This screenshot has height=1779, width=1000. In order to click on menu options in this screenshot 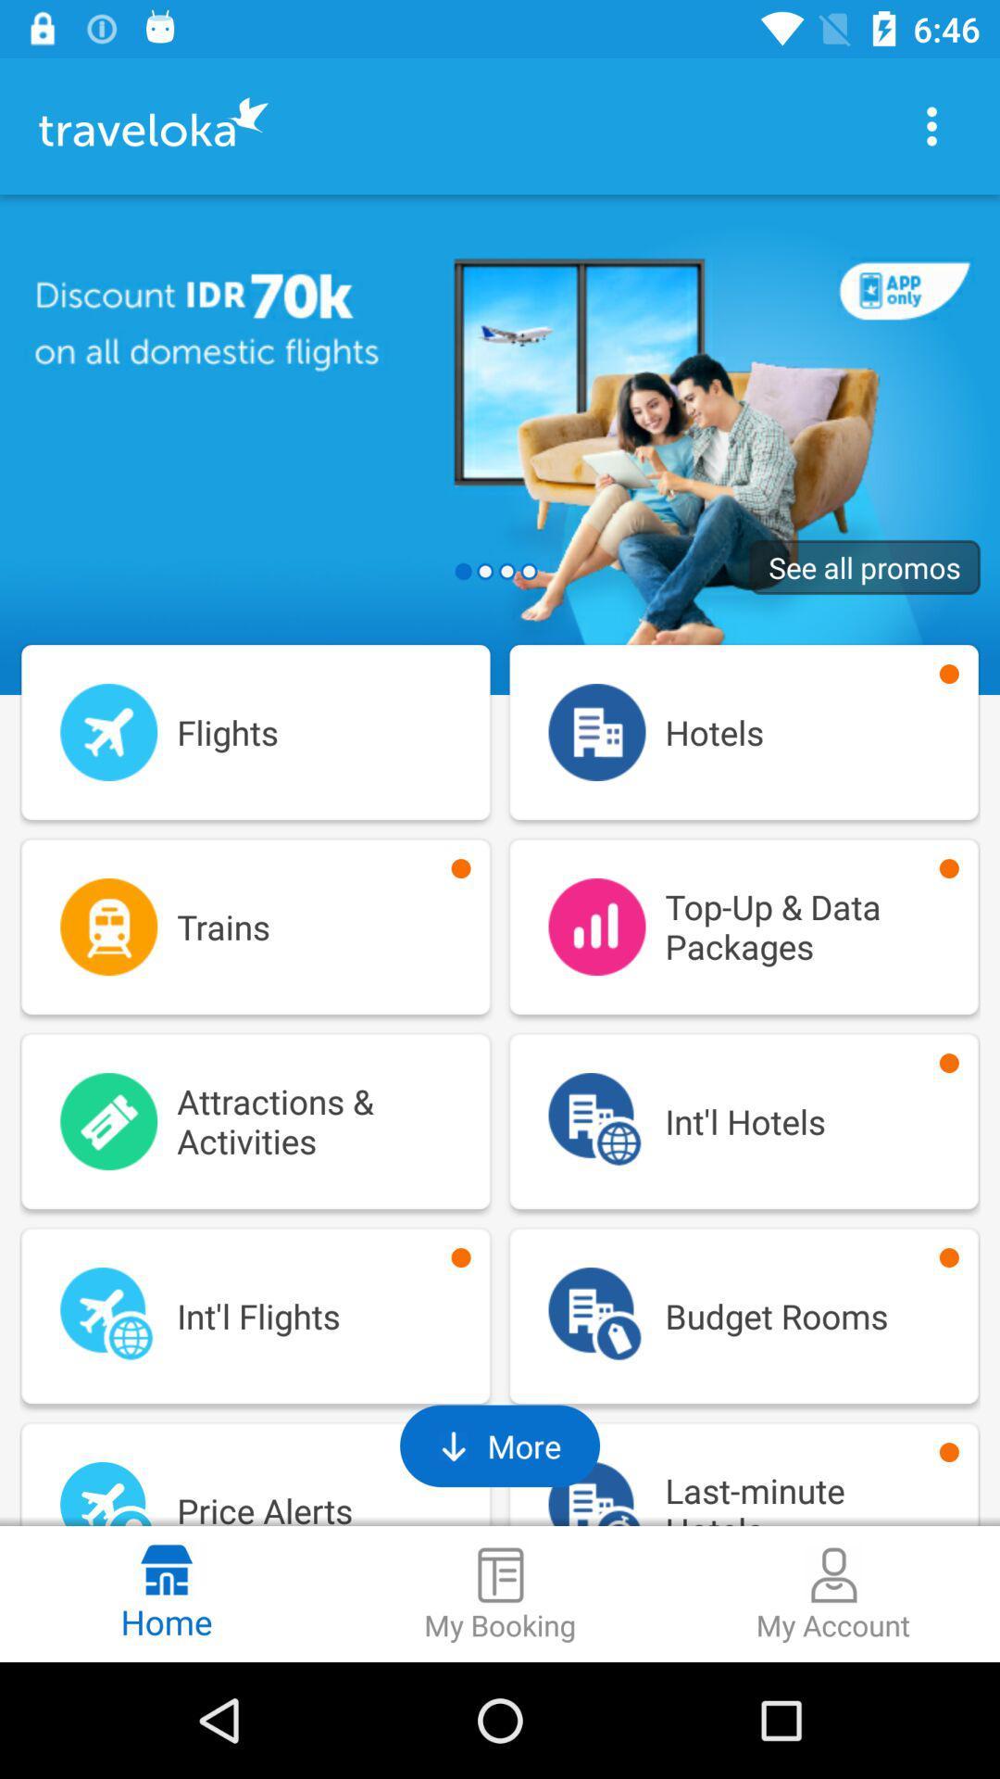, I will do `click(931, 125)`.